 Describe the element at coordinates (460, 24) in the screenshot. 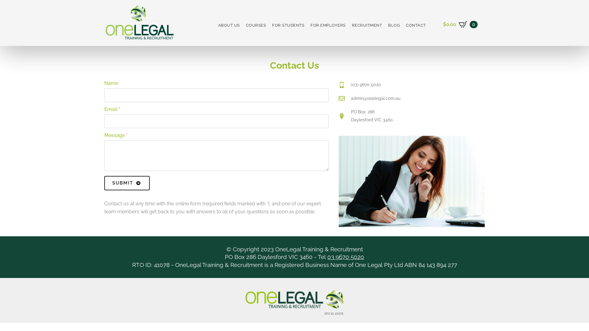

I see `'$0.00` at that location.